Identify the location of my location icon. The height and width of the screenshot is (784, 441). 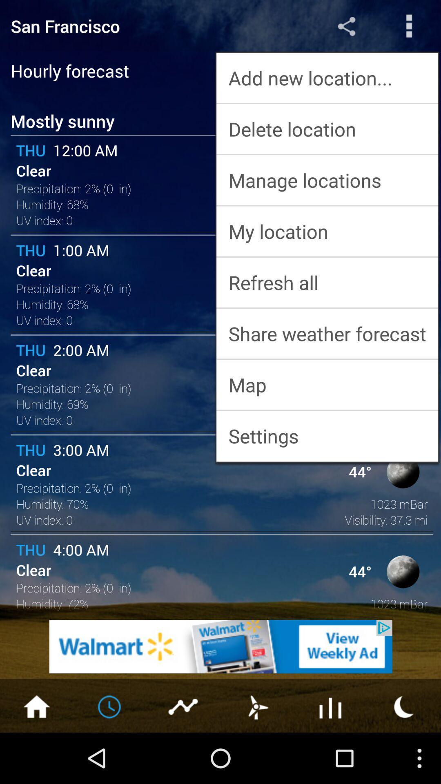
(327, 231).